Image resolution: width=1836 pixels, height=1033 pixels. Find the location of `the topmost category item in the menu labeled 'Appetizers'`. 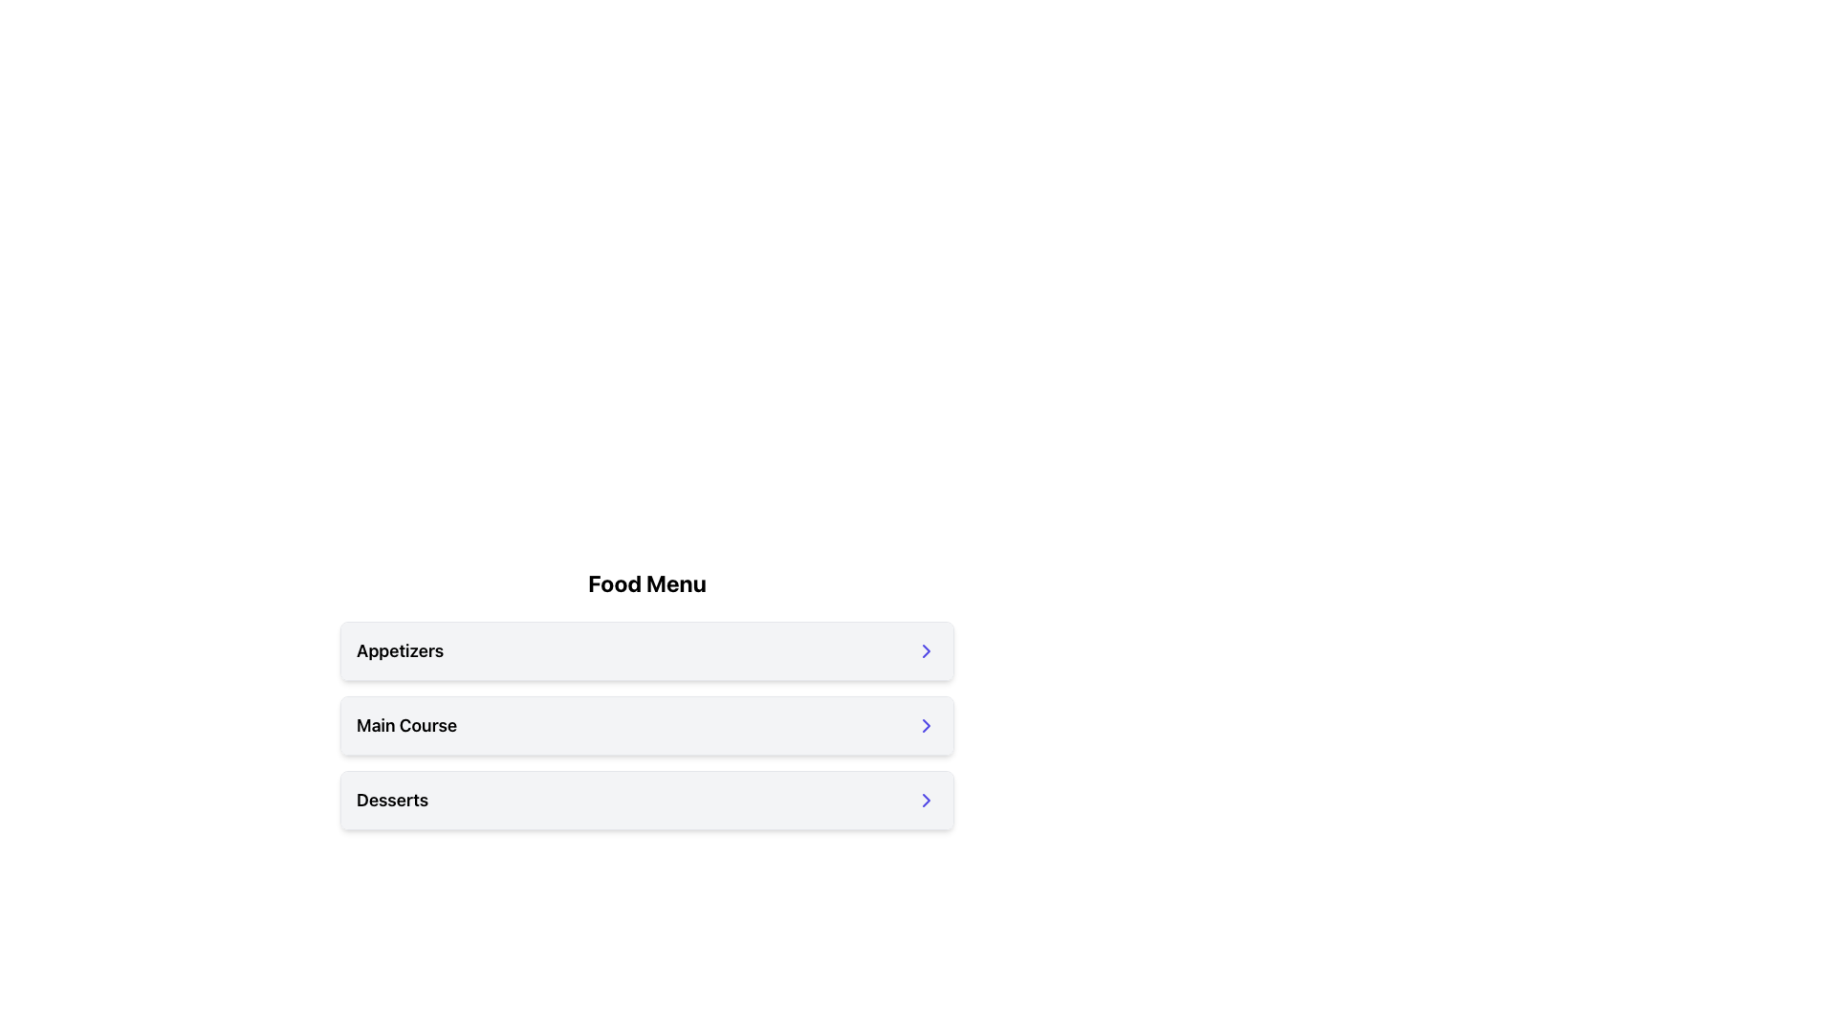

the topmost category item in the menu labeled 'Appetizers' is located at coordinates (646, 650).